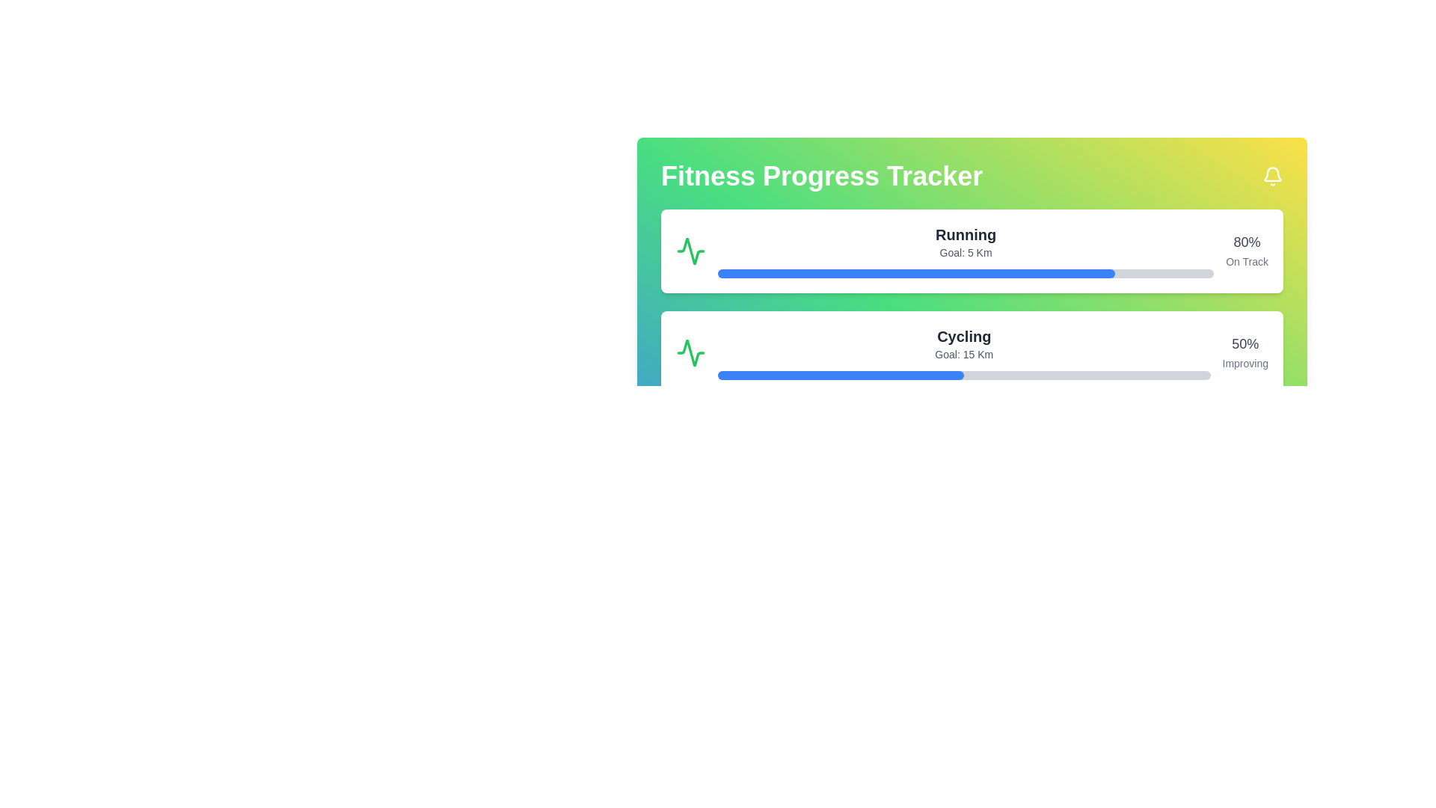 The width and height of the screenshot is (1436, 808). Describe the element at coordinates (964, 337) in the screenshot. I see `the 'Cycling' text label, which serves as a heading in the progress tracker` at that location.